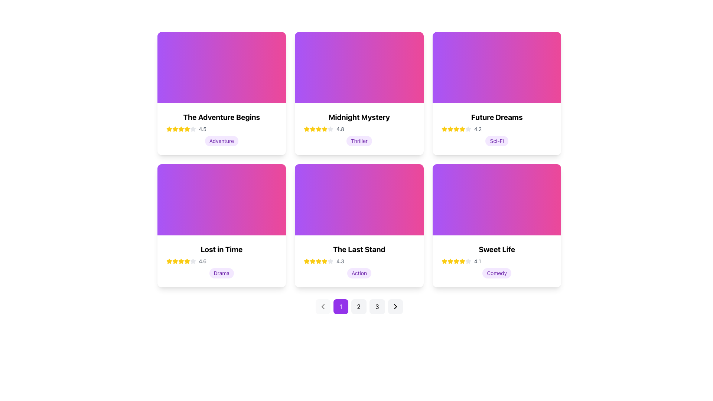 This screenshot has height=401, width=713. I want to click on the label that displays the numerical rating of the movie 'Sweet Life', which is located beneath the card and adjacent to the last star icon in the rating sequence, so click(478, 261).